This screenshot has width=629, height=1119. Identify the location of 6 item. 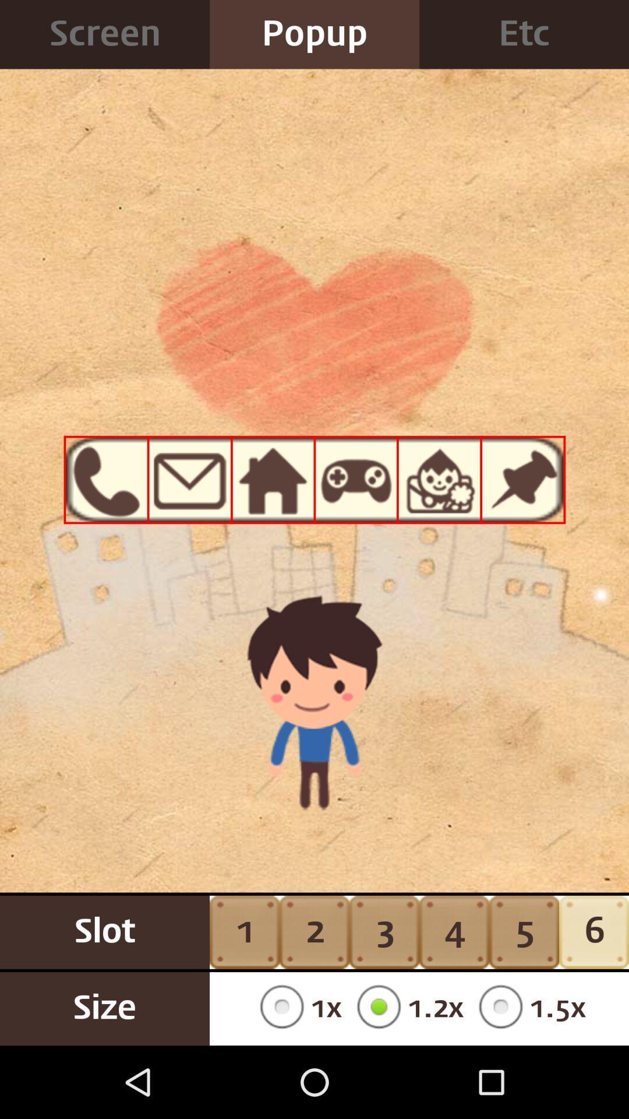
(593, 931).